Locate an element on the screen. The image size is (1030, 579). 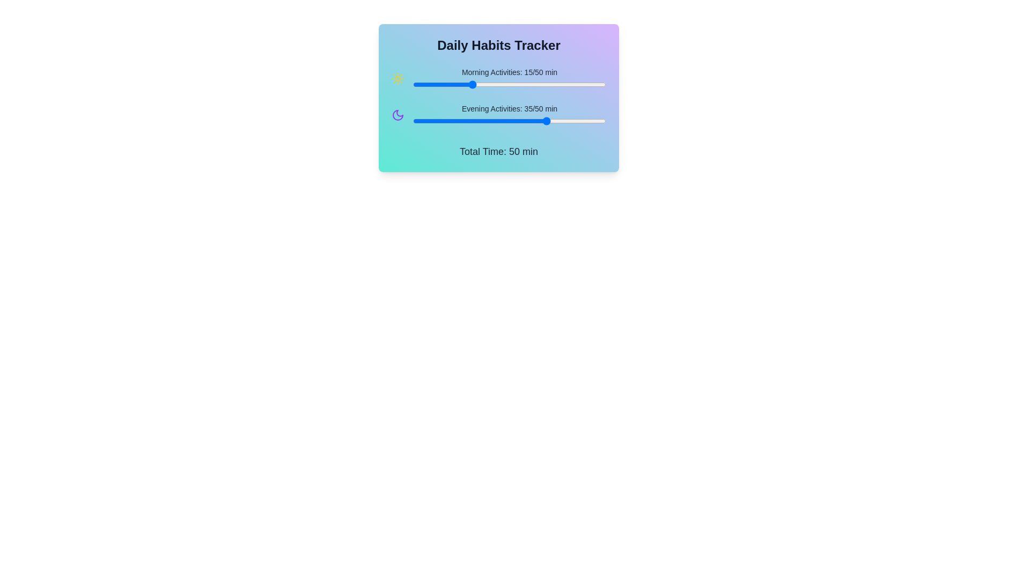
evening activity time is located at coordinates (463, 121).